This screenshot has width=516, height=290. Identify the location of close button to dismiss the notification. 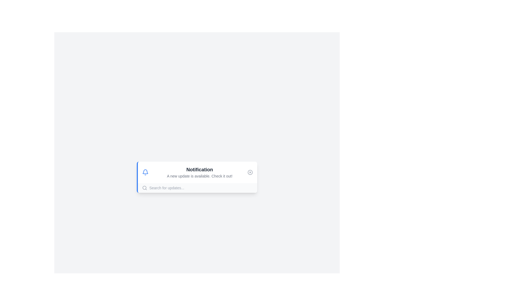
(250, 172).